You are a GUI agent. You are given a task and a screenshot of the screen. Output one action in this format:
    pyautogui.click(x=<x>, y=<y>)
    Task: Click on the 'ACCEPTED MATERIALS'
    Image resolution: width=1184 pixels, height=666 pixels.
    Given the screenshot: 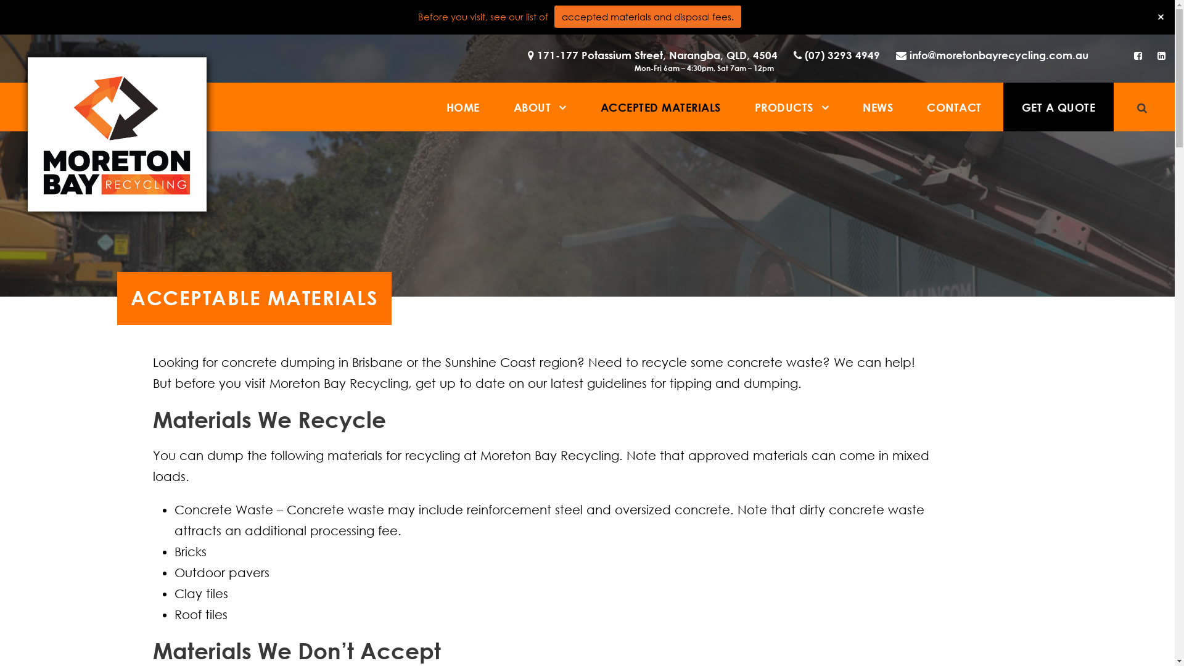 What is the action you would take?
    pyautogui.click(x=660, y=106)
    